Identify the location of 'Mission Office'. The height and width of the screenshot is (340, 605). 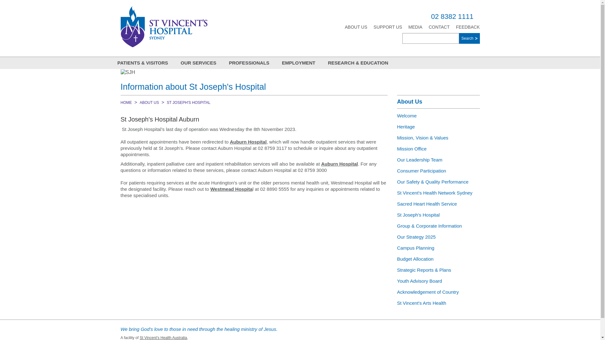
(438, 149).